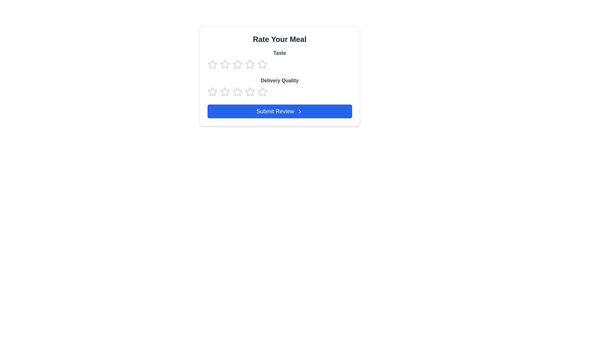  What do you see at coordinates (249, 92) in the screenshot?
I see `the star rating icon in the second row, third column of the rating grid` at bounding box center [249, 92].